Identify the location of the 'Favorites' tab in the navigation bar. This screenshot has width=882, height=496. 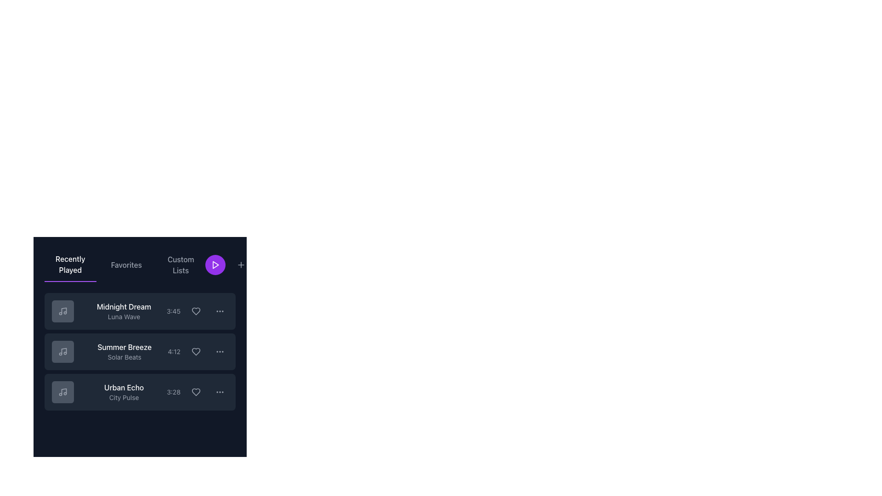
(124, 265).